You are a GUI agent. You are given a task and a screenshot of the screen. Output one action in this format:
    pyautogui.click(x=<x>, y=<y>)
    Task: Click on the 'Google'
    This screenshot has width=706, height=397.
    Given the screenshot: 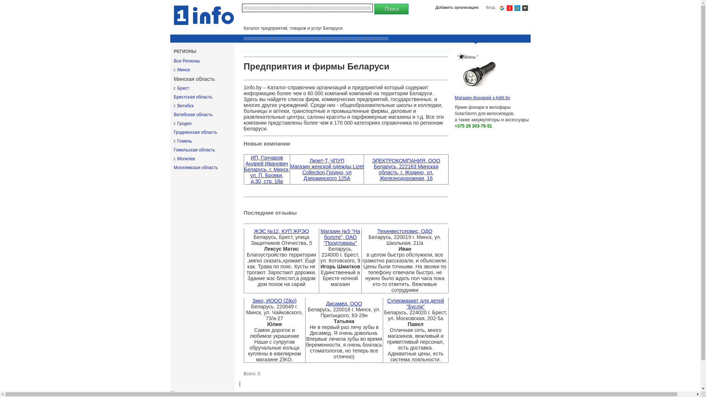 What is the action you would take?
    pyautogui.click(x=501, y=8)
    